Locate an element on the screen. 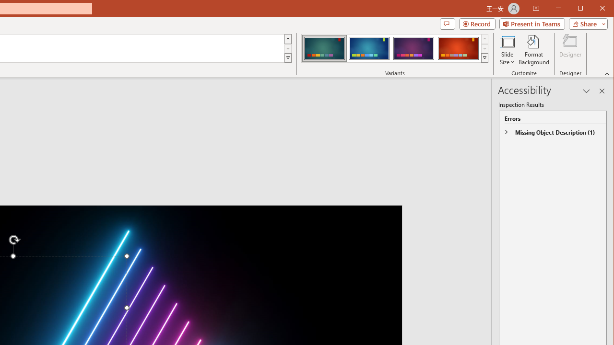 The height and width of the screenshot is (345, 614). 'Variants' is located at coordinates (484, 57).